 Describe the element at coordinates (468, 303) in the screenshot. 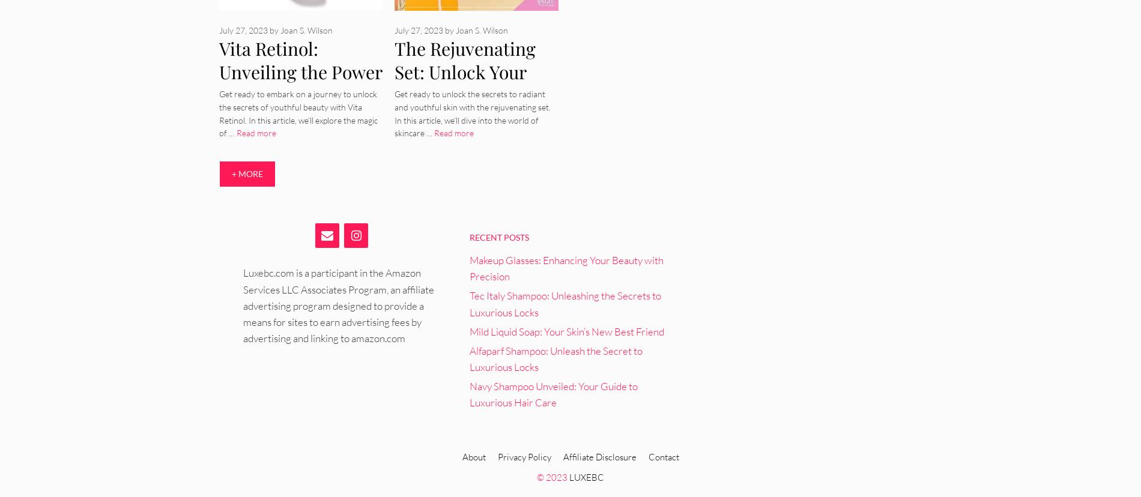

I see `'Tec Italy Shampoo: Unleashing the Secrets to Luxurious Locks'` at that location.